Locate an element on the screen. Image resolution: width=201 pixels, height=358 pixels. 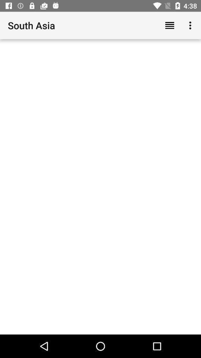
icon to the right of the south asia is located at coordinates (169, 25).